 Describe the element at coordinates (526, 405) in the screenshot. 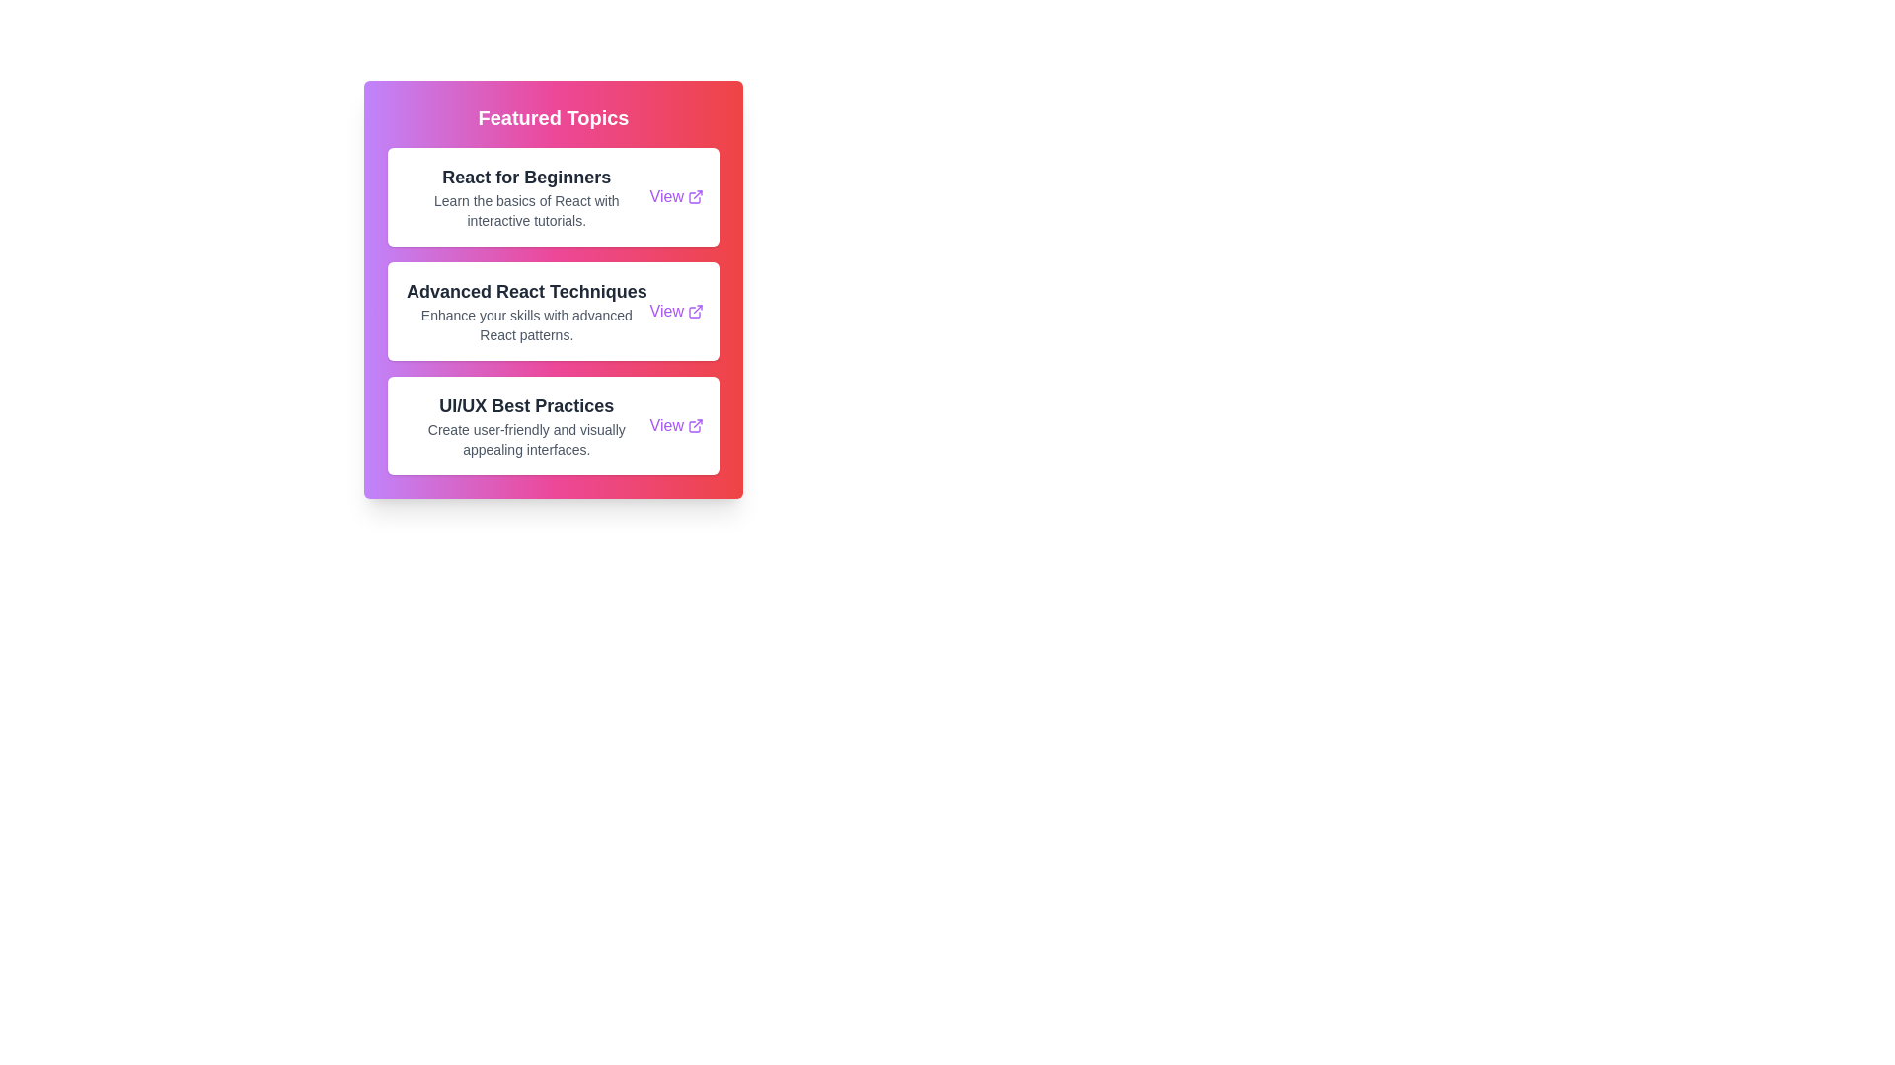

I see `the title text label located in the third card of the vertical list` at that location.